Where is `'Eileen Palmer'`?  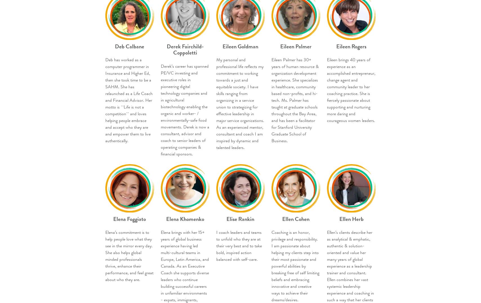 'Eileen Palmer' is located at coordinates (296, 46).